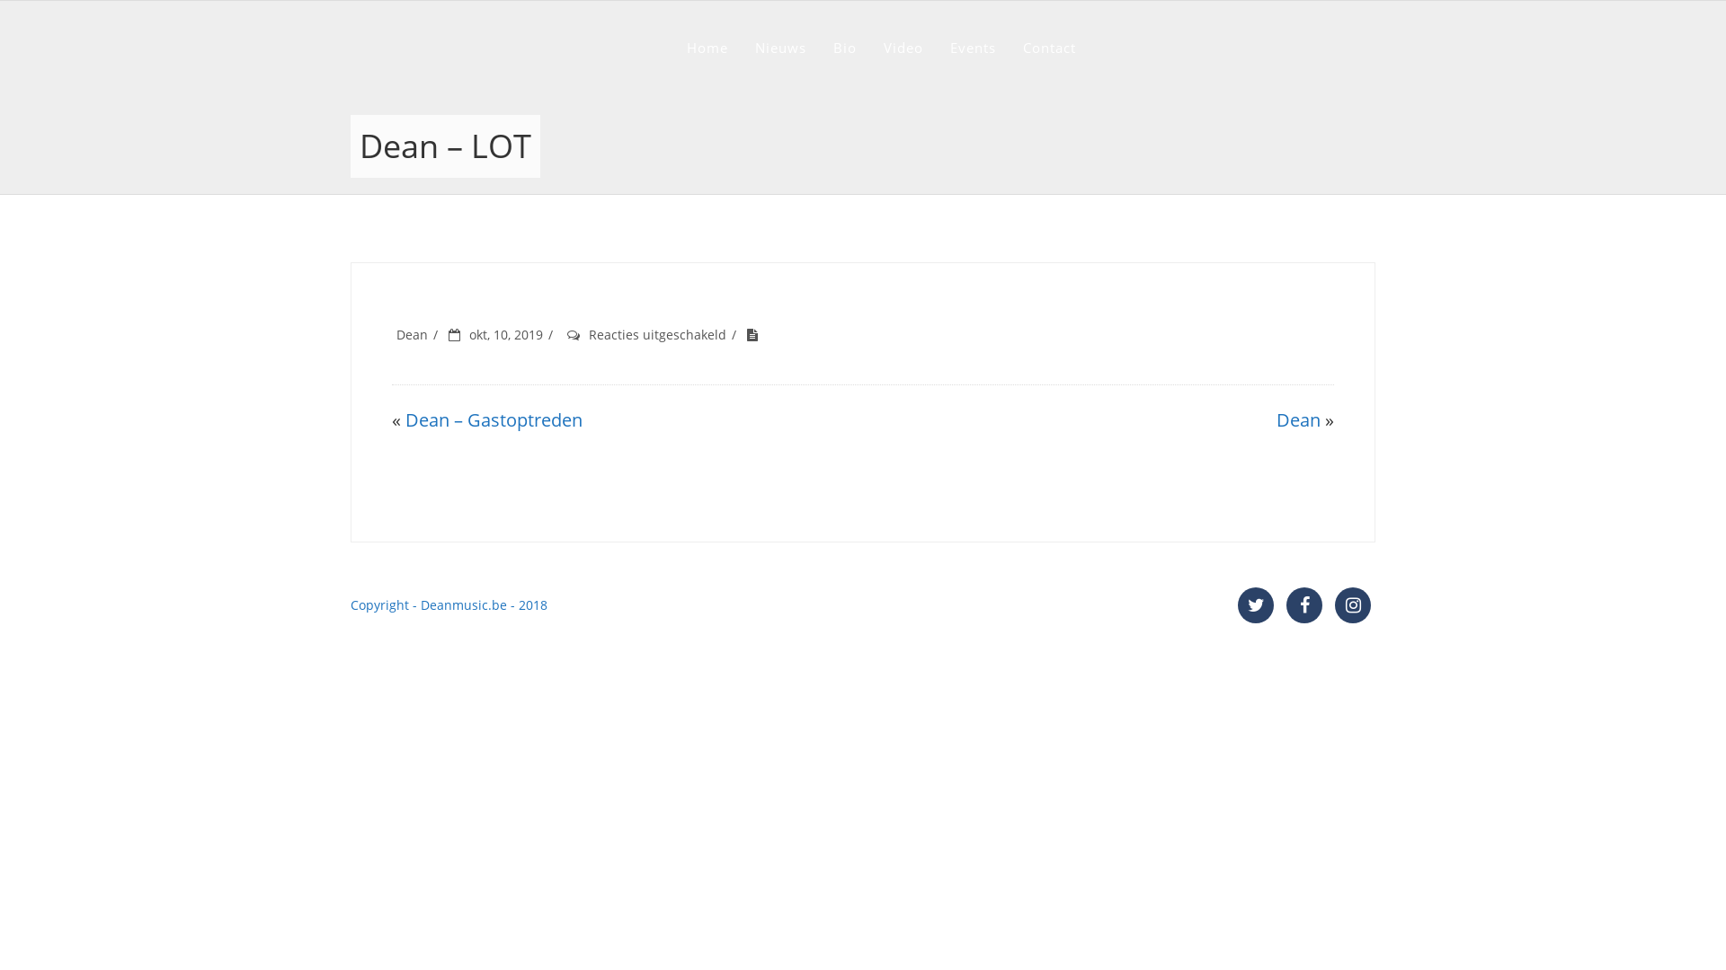  Describe the element at coordinates (1353, 605) in the screenshot. I see `'Instagram'` at that location.